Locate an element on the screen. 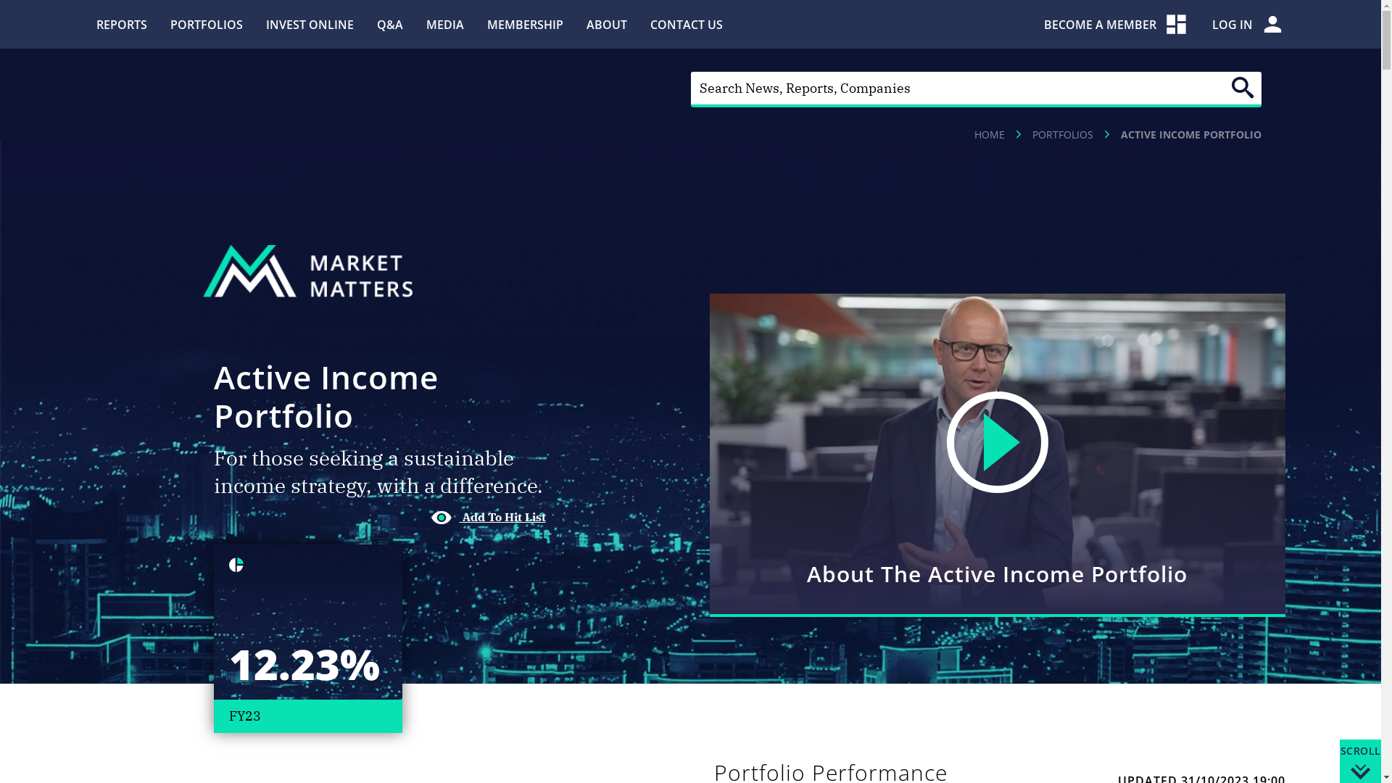 The image size is (1392, 783). 'HOME' is located at coordinates (988, 134).